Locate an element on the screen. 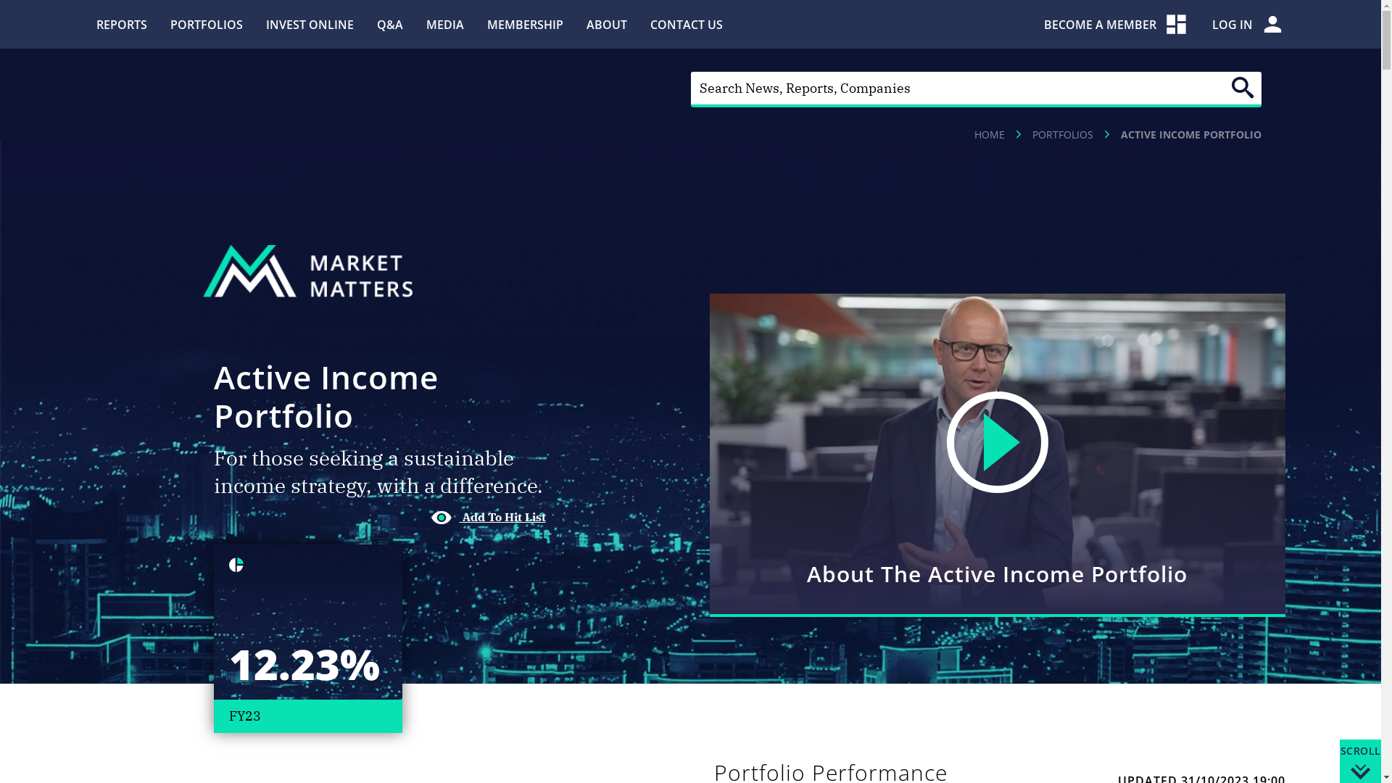 The image size is (1392, 783). 'HOME' is located at coordinates (988, 134).